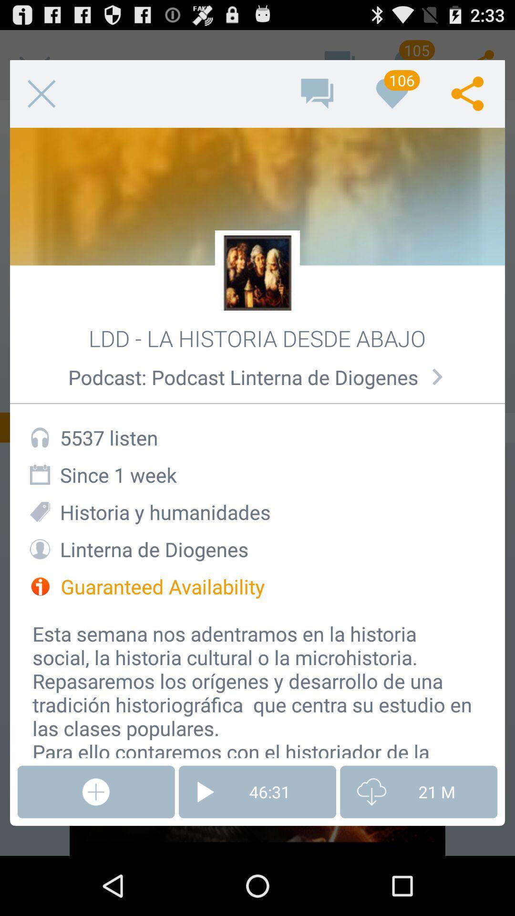  I want to click on the 21 m, so click(418, 792).